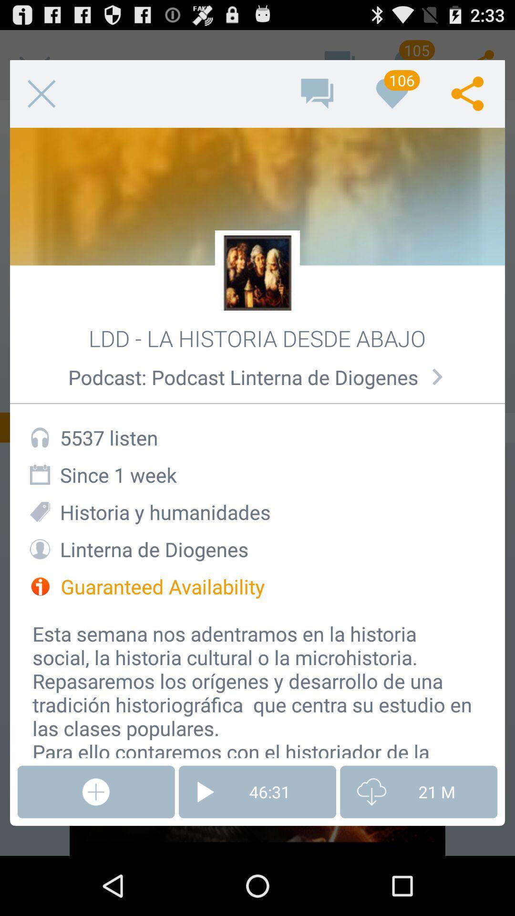  I want to click on the 21 m, so click(418, 792).